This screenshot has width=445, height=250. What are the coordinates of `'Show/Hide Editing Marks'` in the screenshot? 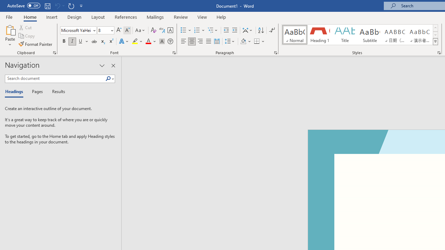 It's located at (272, 30).